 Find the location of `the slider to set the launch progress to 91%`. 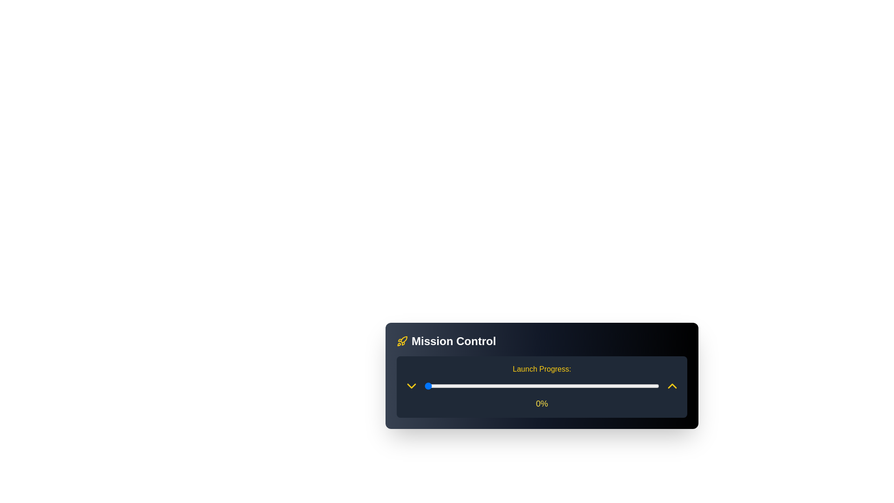

the slider to set the launch progress to 91% is located at coordinates (637, 386).